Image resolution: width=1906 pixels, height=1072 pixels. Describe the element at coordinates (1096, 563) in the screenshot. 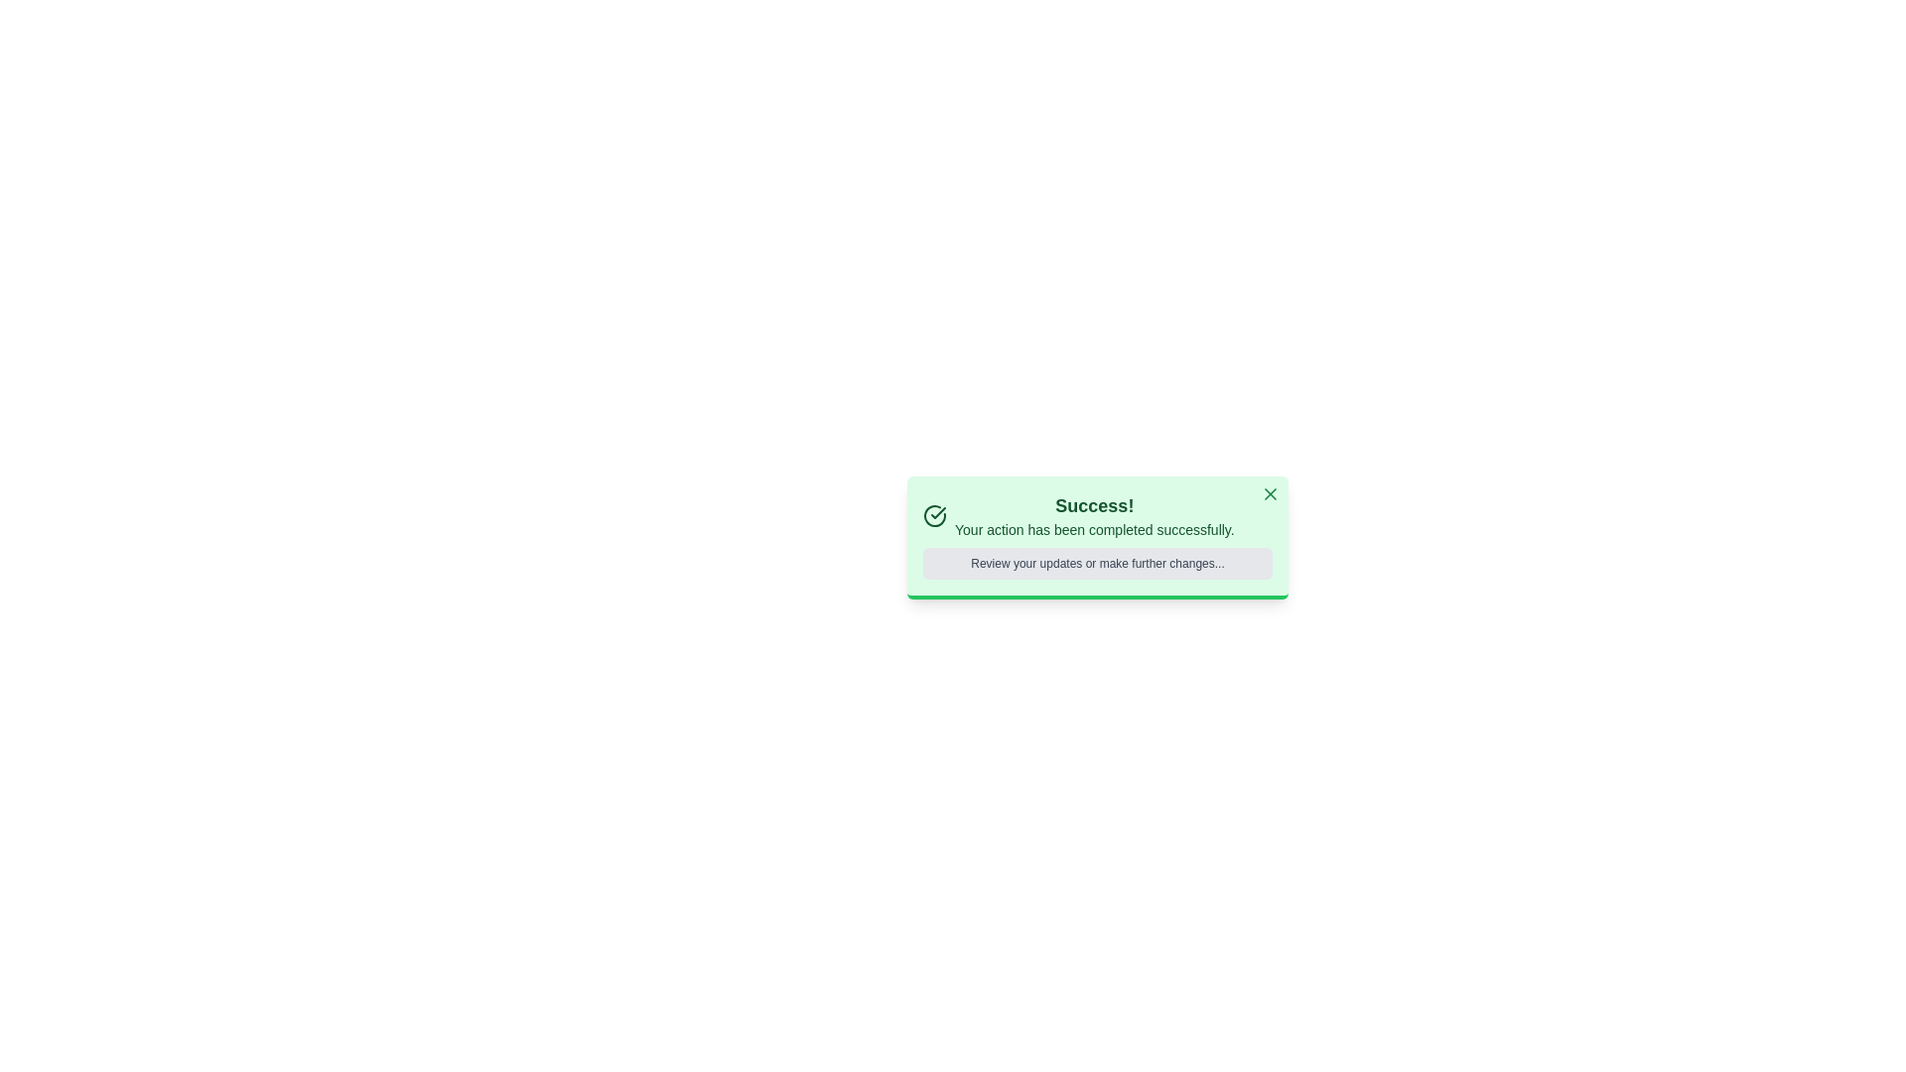

I see `the additional information text to select it` at that location.